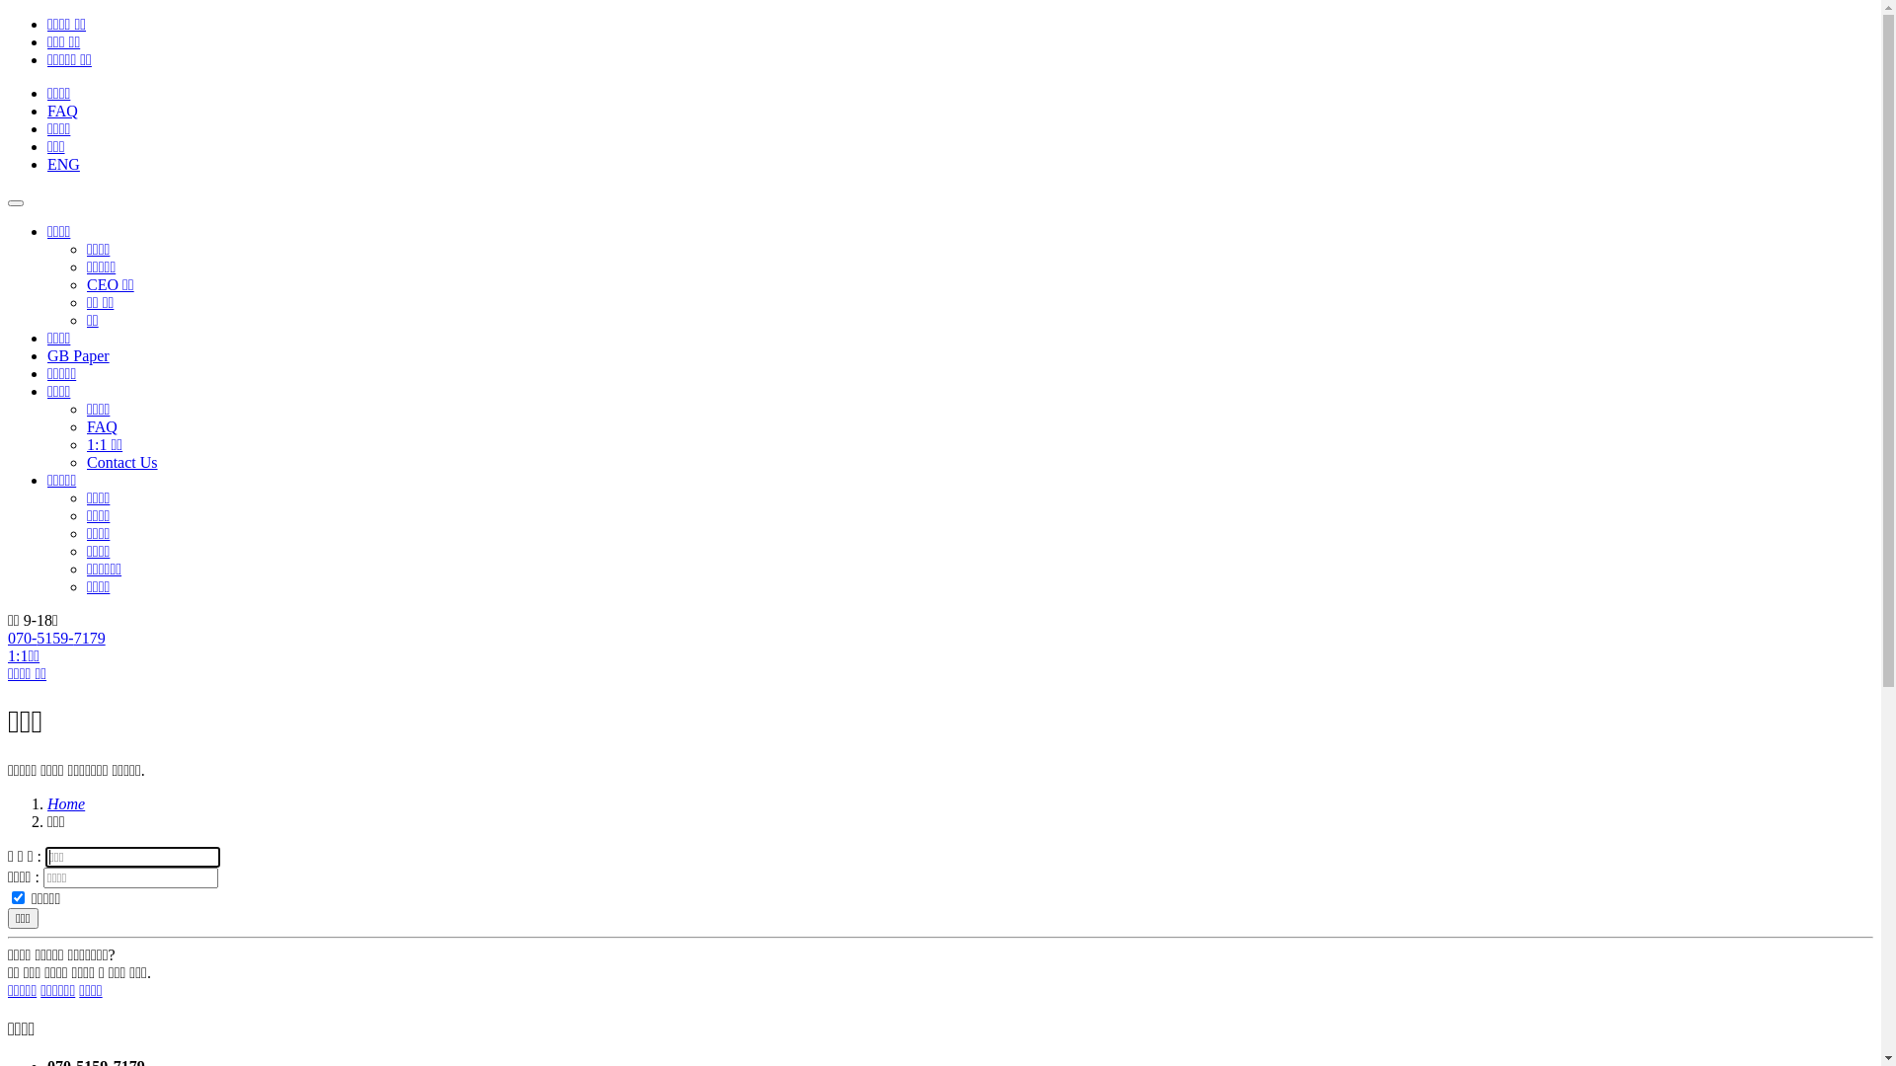 The image size is (1896, 1066). What do you see at coordinates (63, 163) in the screenshot?
I see `'ENG'` at bounding box center [63, 163].